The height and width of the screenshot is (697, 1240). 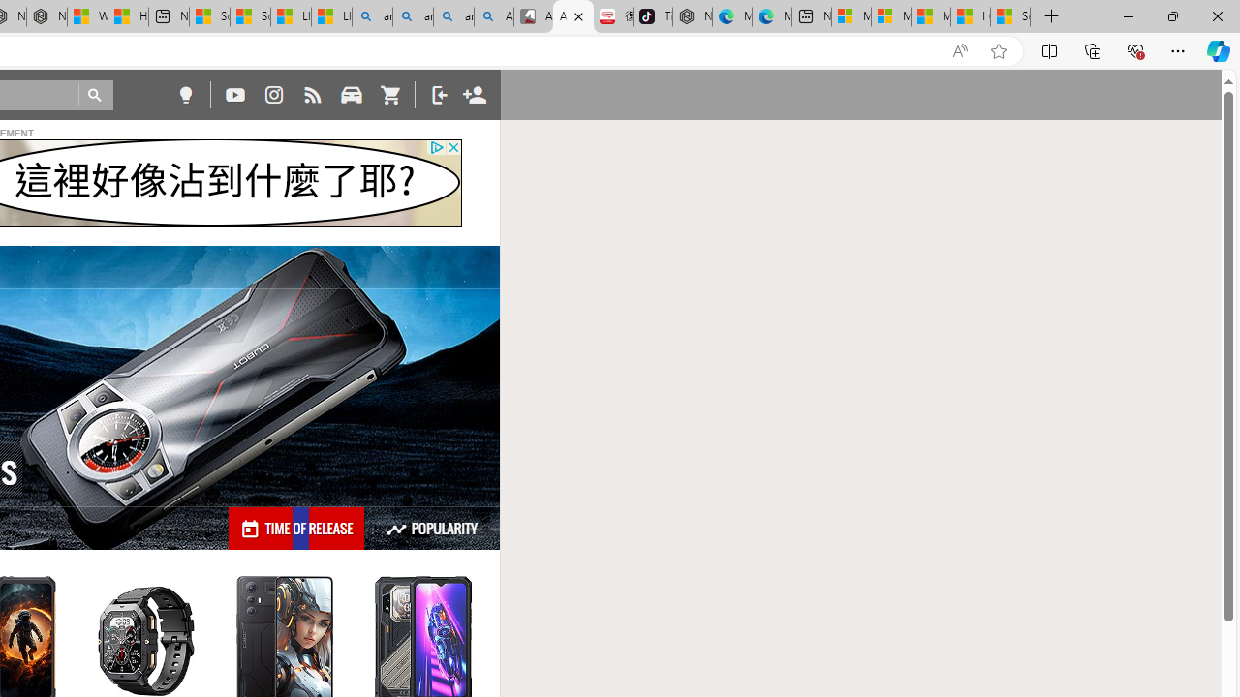 What do you see at coordinates (412, 16) in the screenshot?
I see `'amazon - Search'` at bounding box center [412, 16].